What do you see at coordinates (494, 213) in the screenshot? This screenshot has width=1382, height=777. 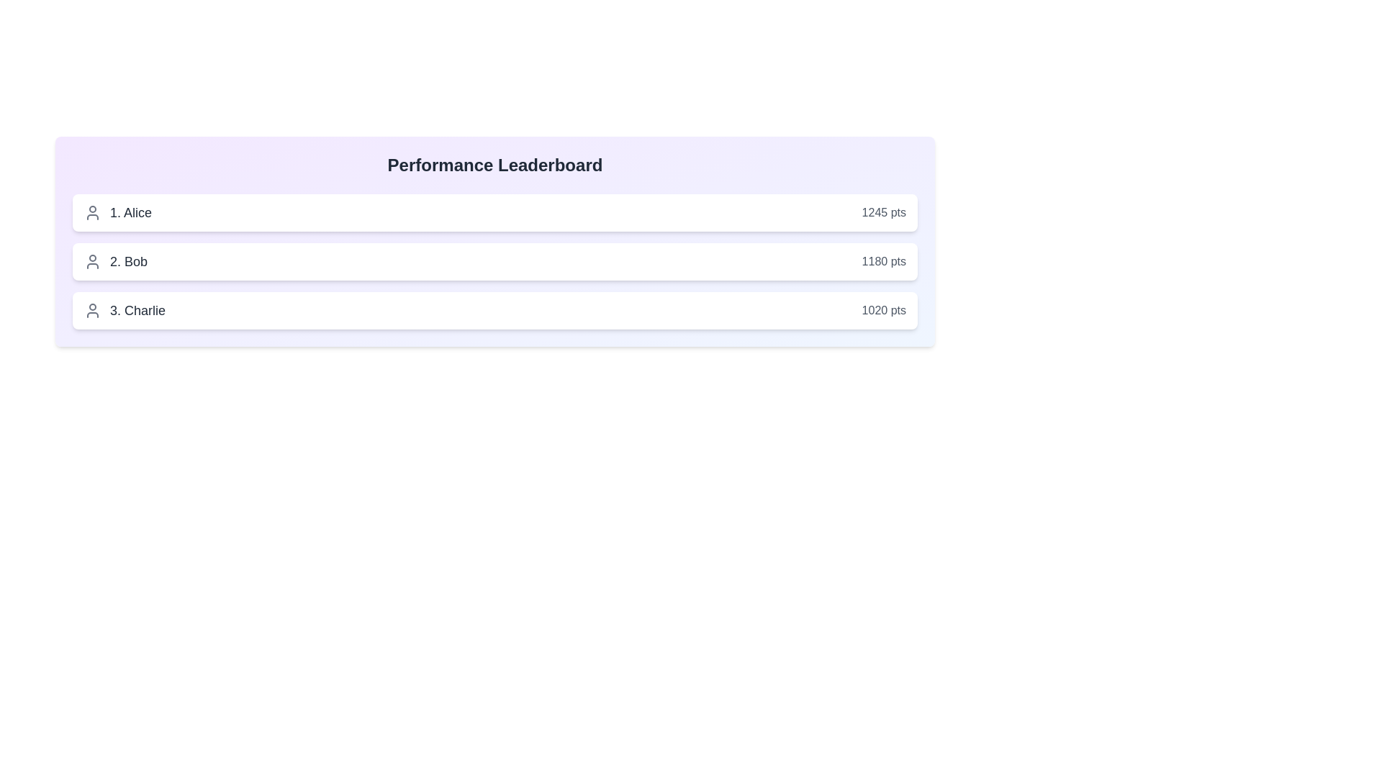 I see `the user entry corresponding to Alice` at bounding box center [494, 213].